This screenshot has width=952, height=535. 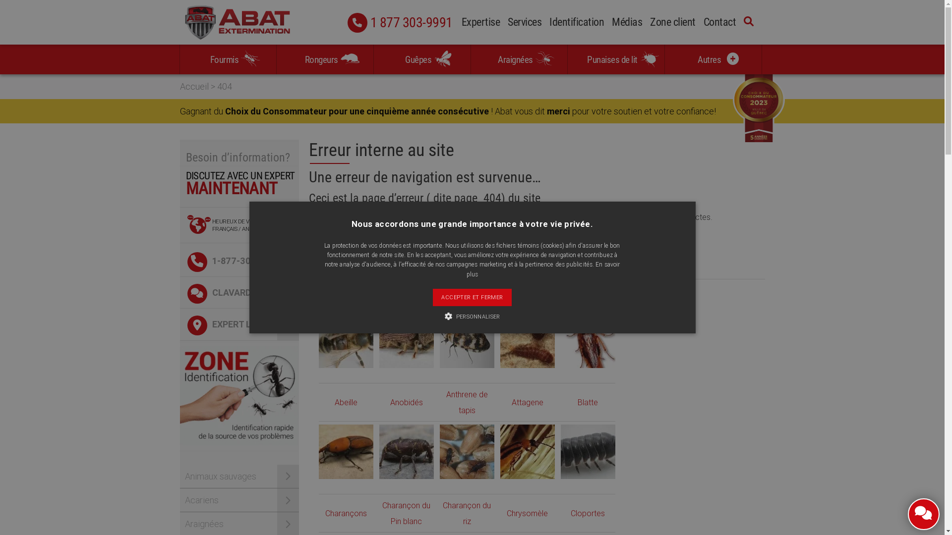 What do you see at coordinates (560, 451) in the screenshot?
I see `'cloportes'` at bounding box center [560, 451].